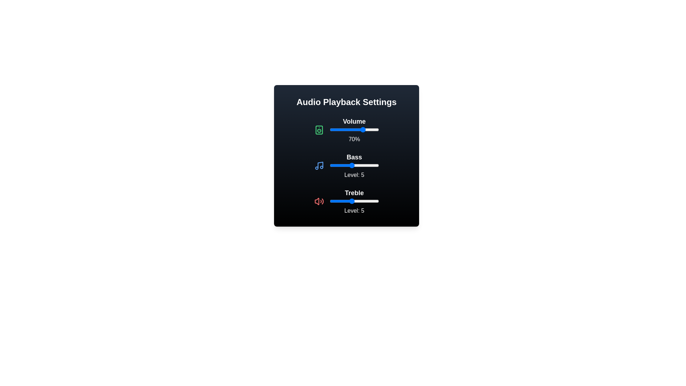 Image resolution: width=686 pixels, height=386 pixels. What do you see at coordinates (340, 201) in the screenshot?
I see `treble level` at bounding box center [340, 201].